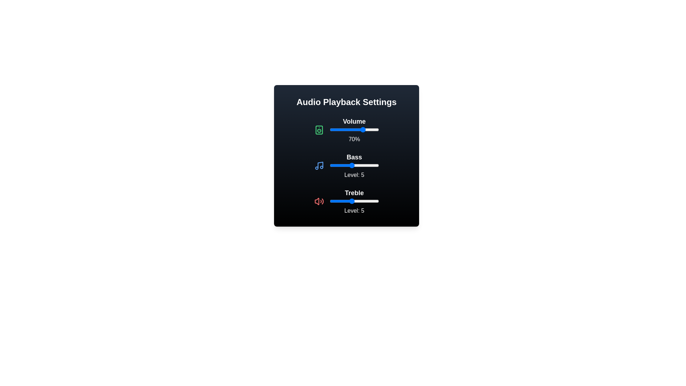 Image resolution: width=686 pixels, height=386 pixels. What do you see at coordinates (340, 201) in the screenshot?
I see `treble level` at bounding box center [340, 201].